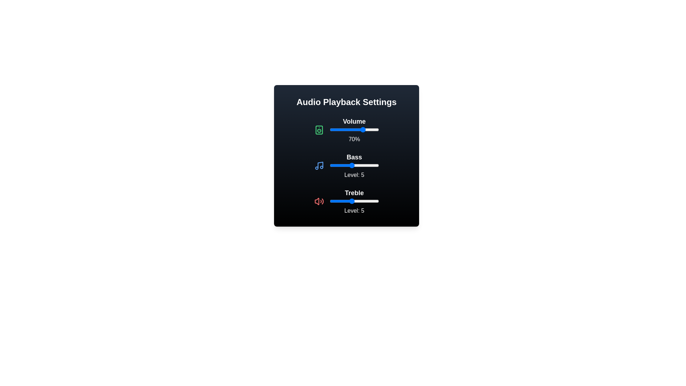 Image resolution: width=686 pixels, height=386 pixels. What do you see at coordinates (340, 201) in the screenshot?
I see `treble level` at bounding box center [340, 201].